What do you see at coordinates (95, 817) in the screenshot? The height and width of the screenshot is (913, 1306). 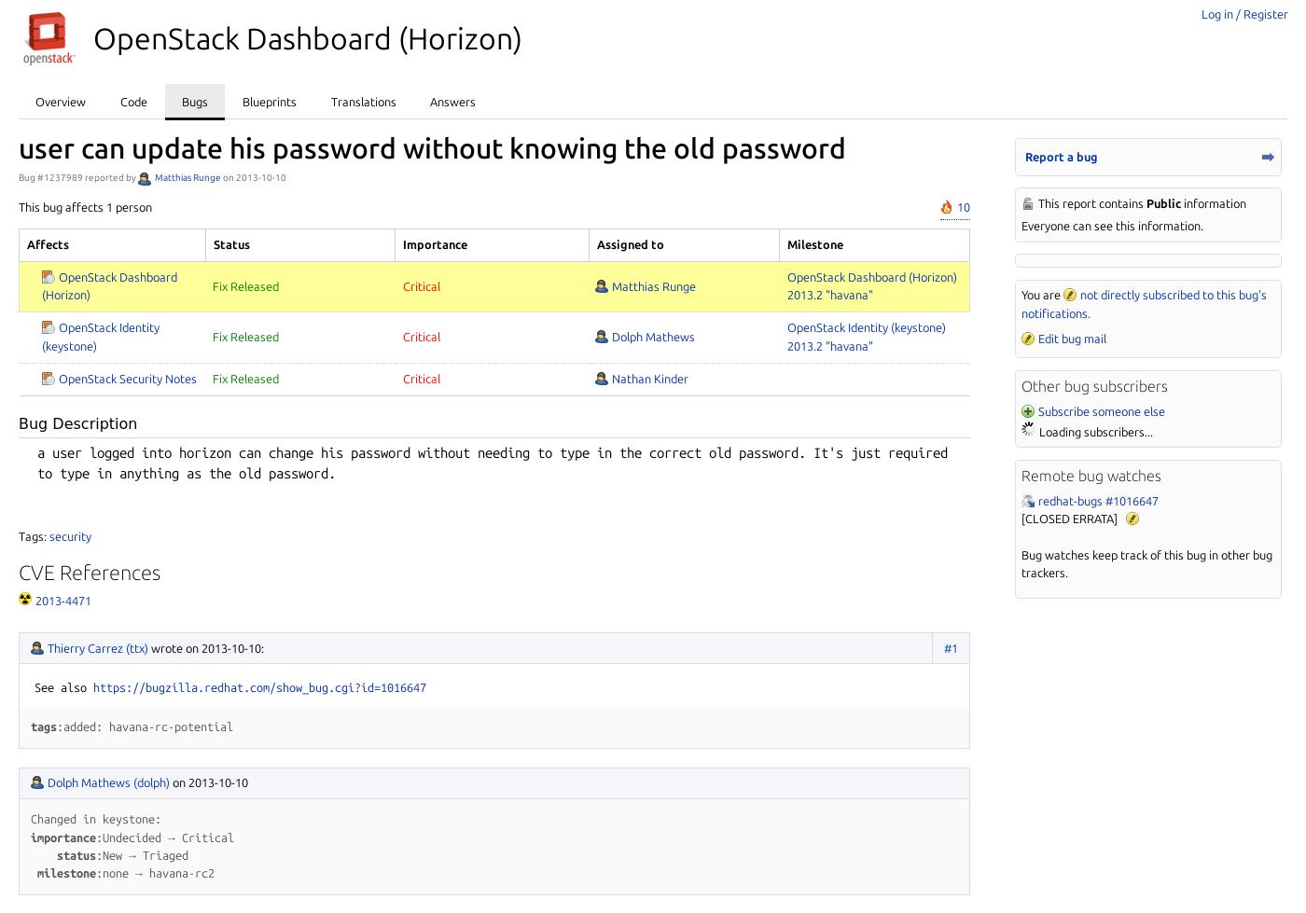 I see `'Changed in keystone:'` at bounding box center [95, 817].